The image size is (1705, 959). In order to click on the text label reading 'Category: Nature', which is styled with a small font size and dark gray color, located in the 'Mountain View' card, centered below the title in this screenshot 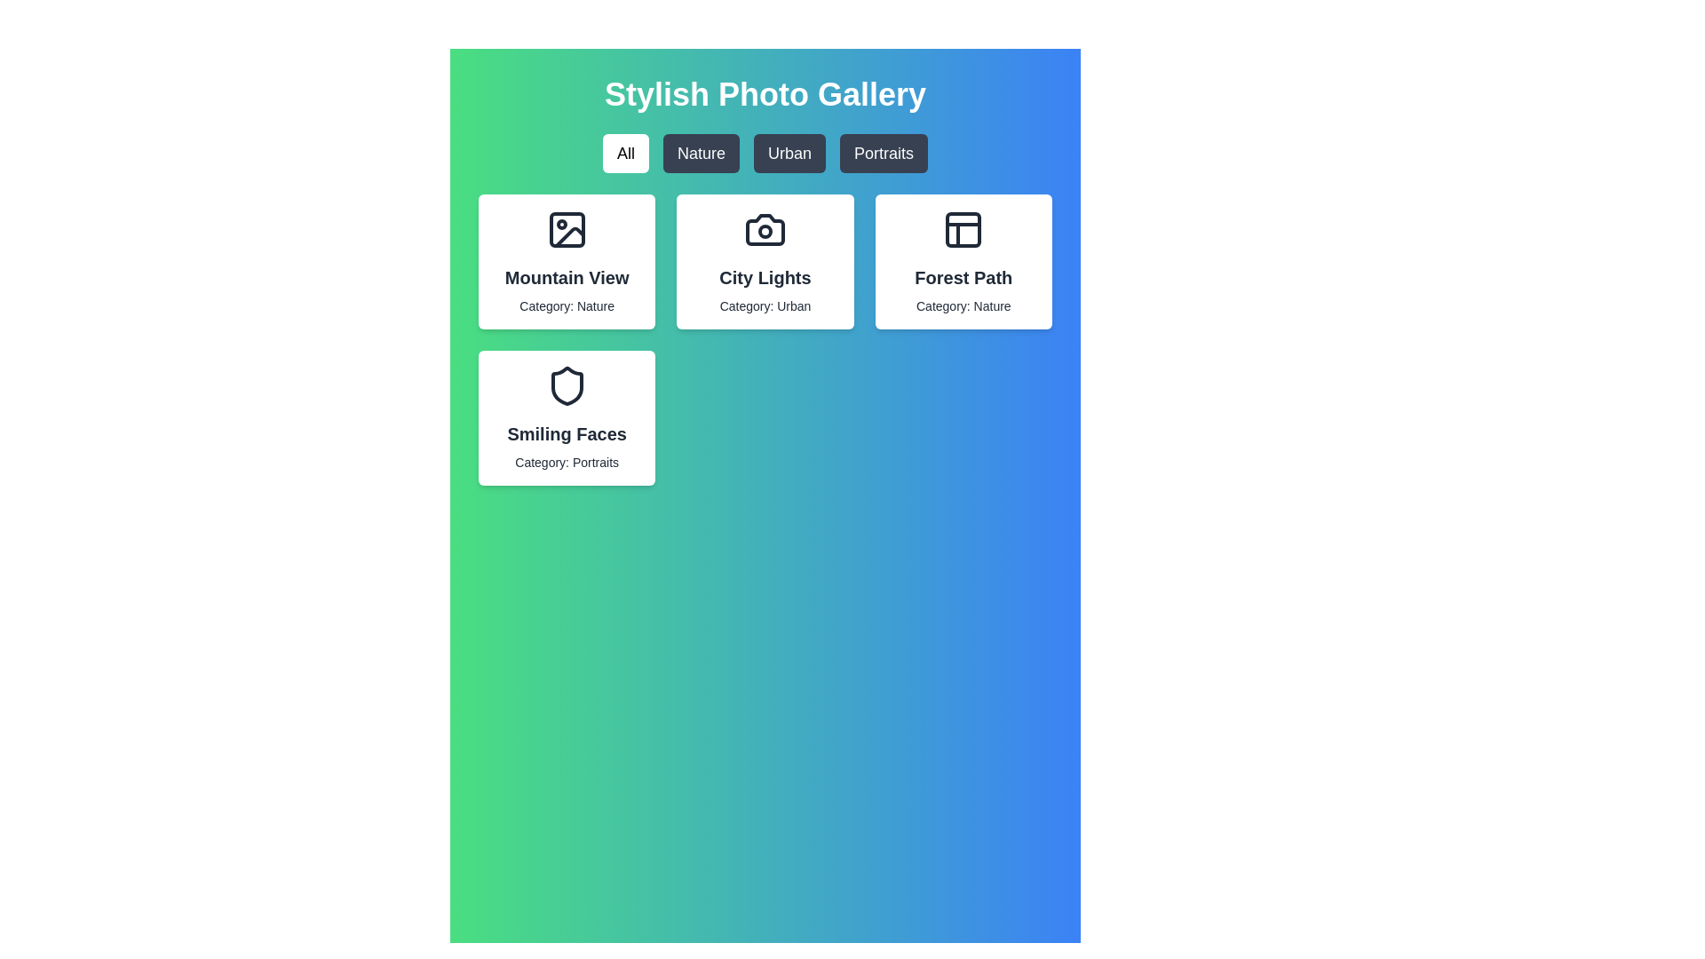, I will do `click(566, 305)`.